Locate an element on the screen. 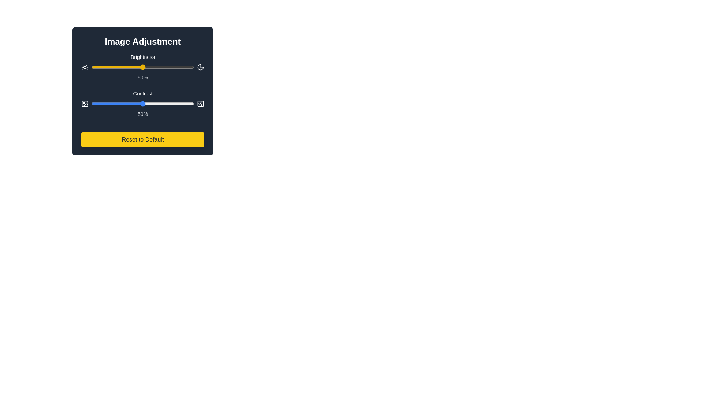  the brightness is located at coordinates (178, 67).